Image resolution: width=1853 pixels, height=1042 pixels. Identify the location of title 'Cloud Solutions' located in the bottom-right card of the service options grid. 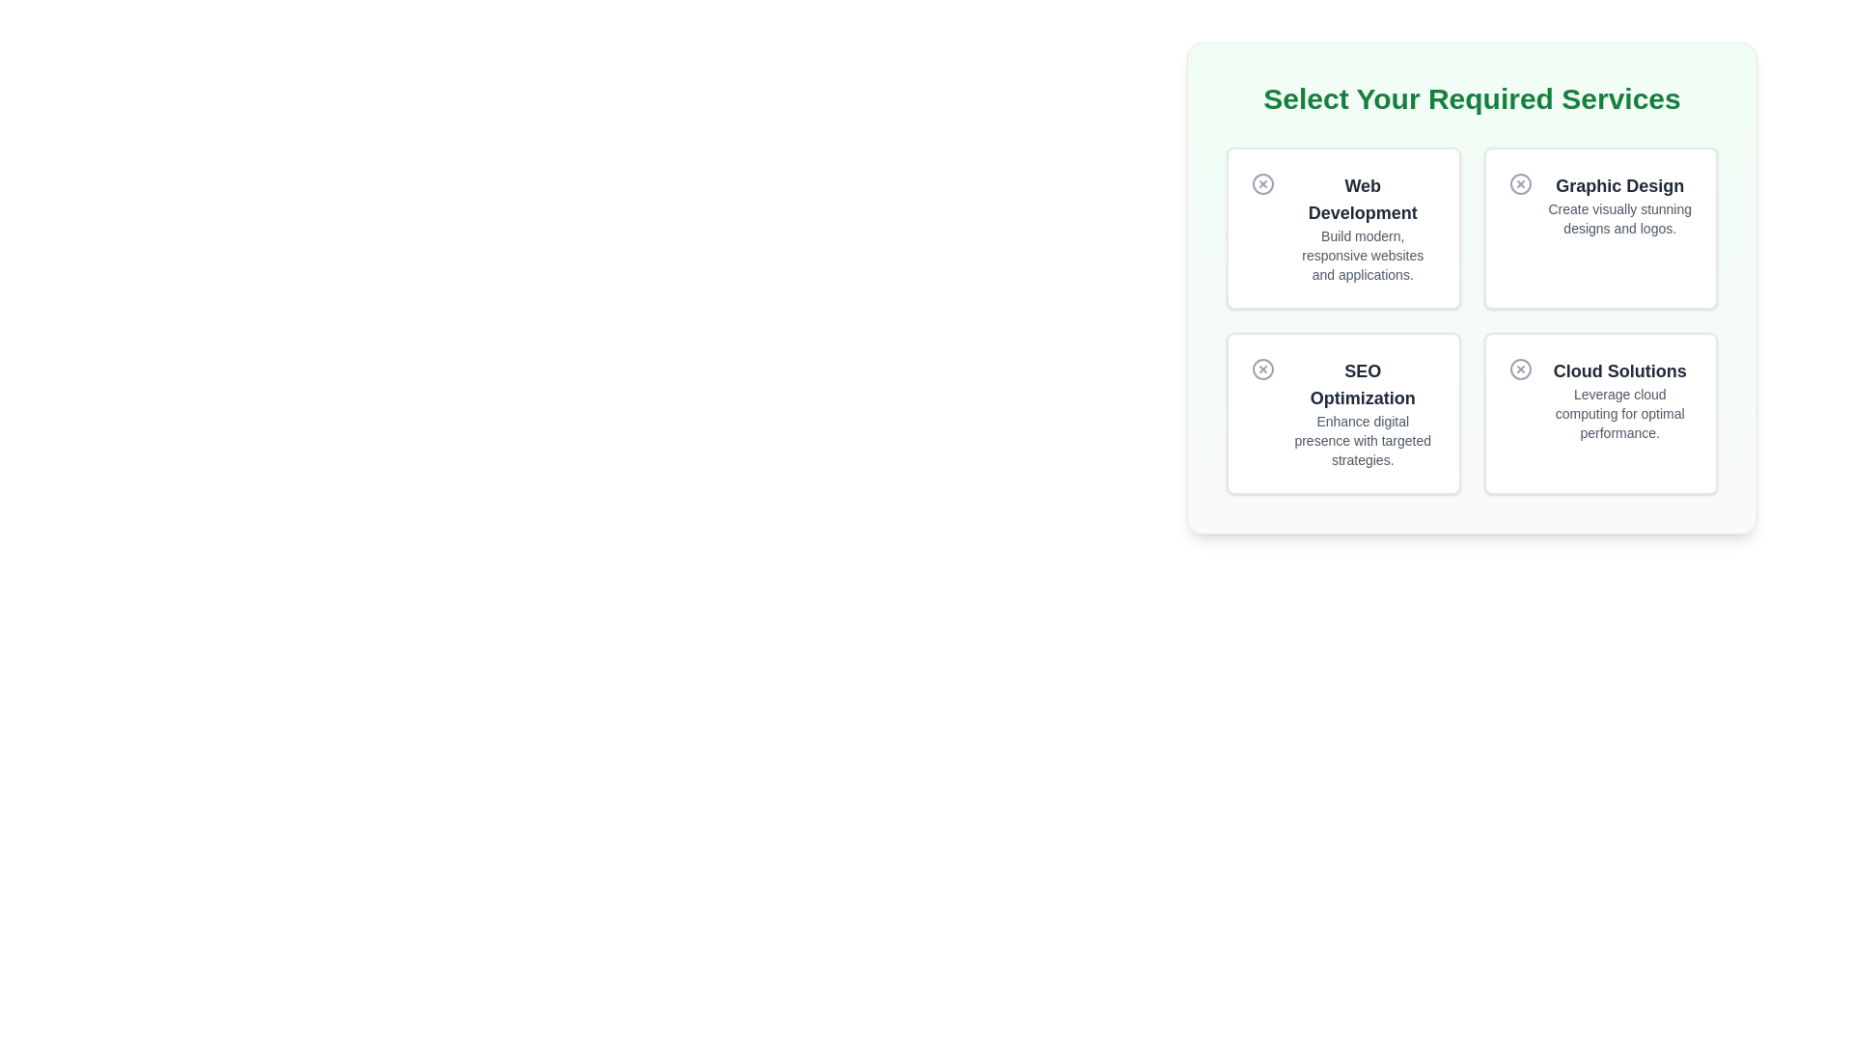
(1619, 371).